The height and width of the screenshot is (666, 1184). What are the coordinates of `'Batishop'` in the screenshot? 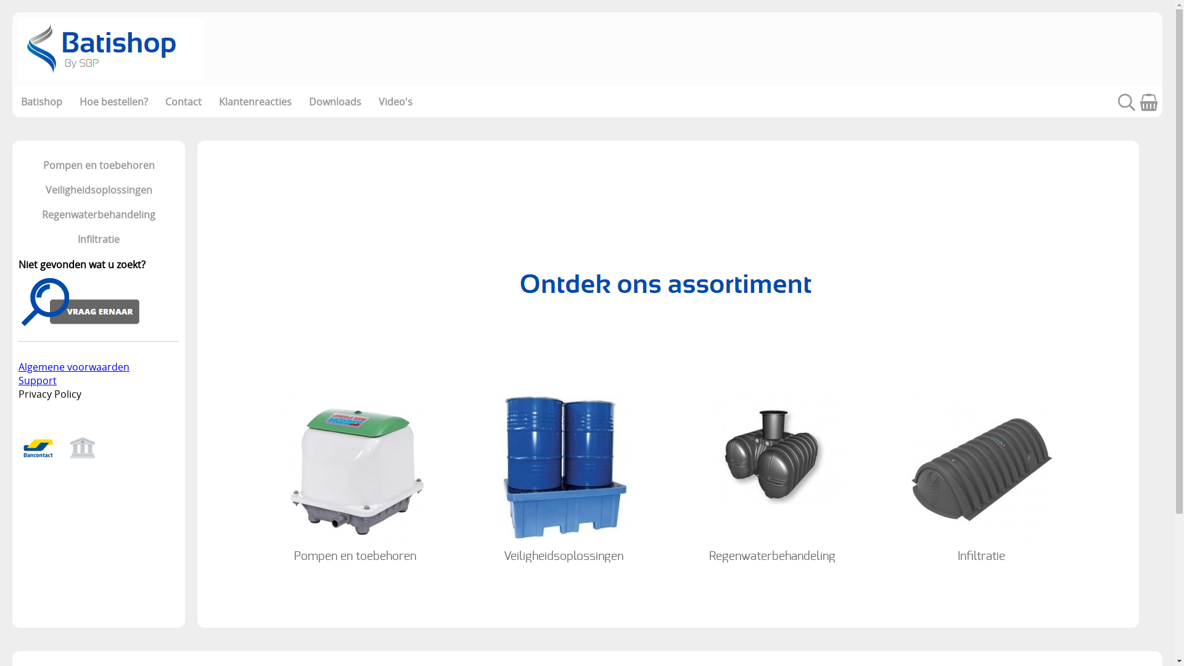 It's located at (41, 101).